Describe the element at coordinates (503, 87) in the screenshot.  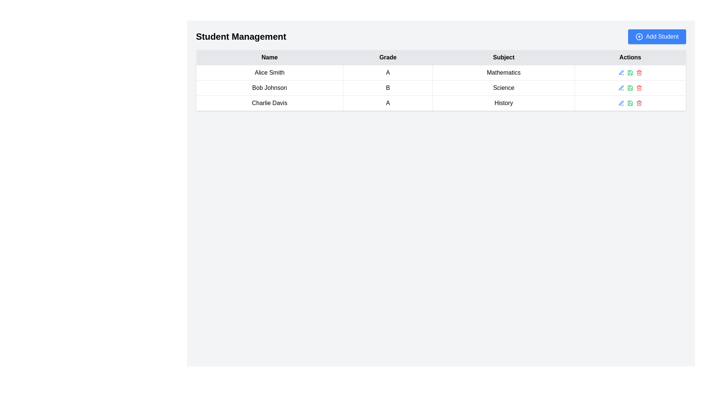
I see `the table cell containing the text 'Science', which is the third cell in the 'Subject' column of the second row, to engage with the surrounding table` at that location.